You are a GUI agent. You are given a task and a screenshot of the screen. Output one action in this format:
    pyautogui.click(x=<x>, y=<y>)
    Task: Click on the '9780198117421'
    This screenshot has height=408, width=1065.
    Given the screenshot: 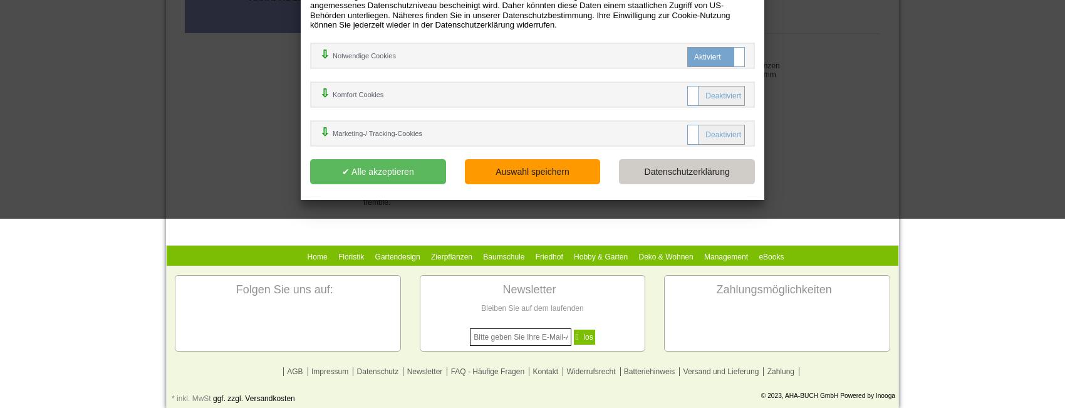 What is the action you would take?
    pyautogui.click(x=479, y=46)
    